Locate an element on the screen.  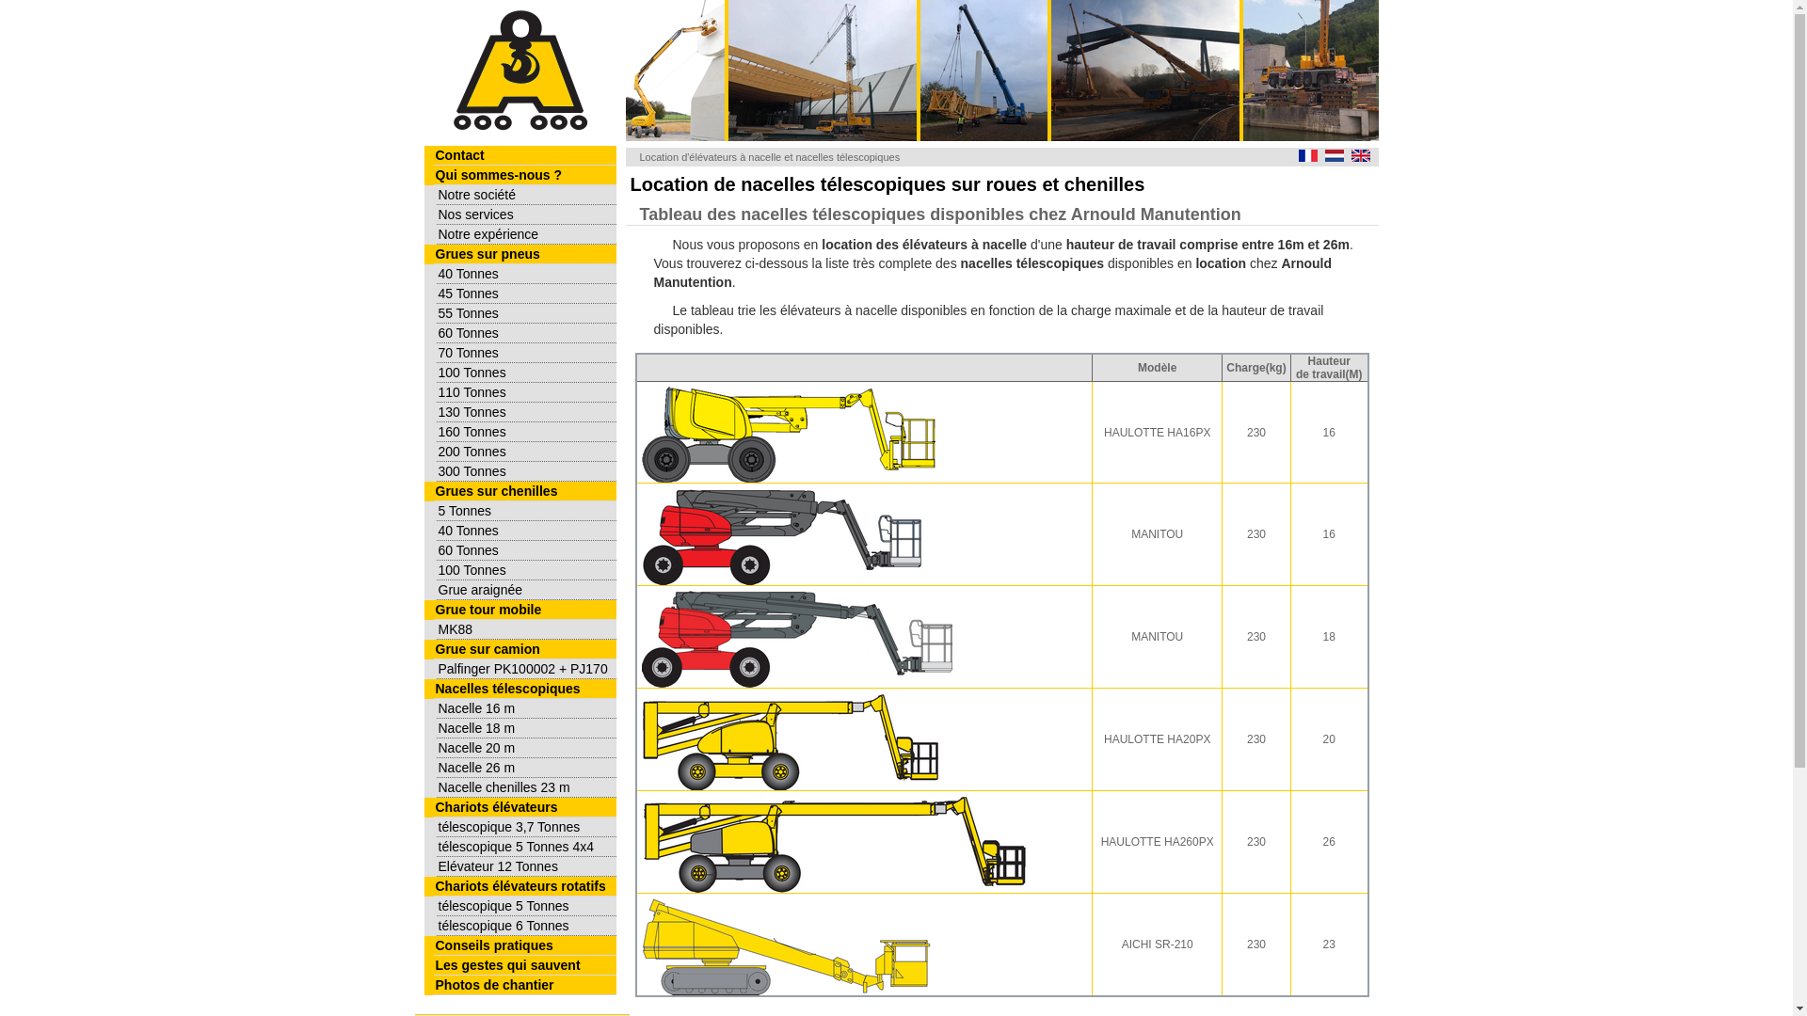
'Contact' is located at coordinates (523, 154).